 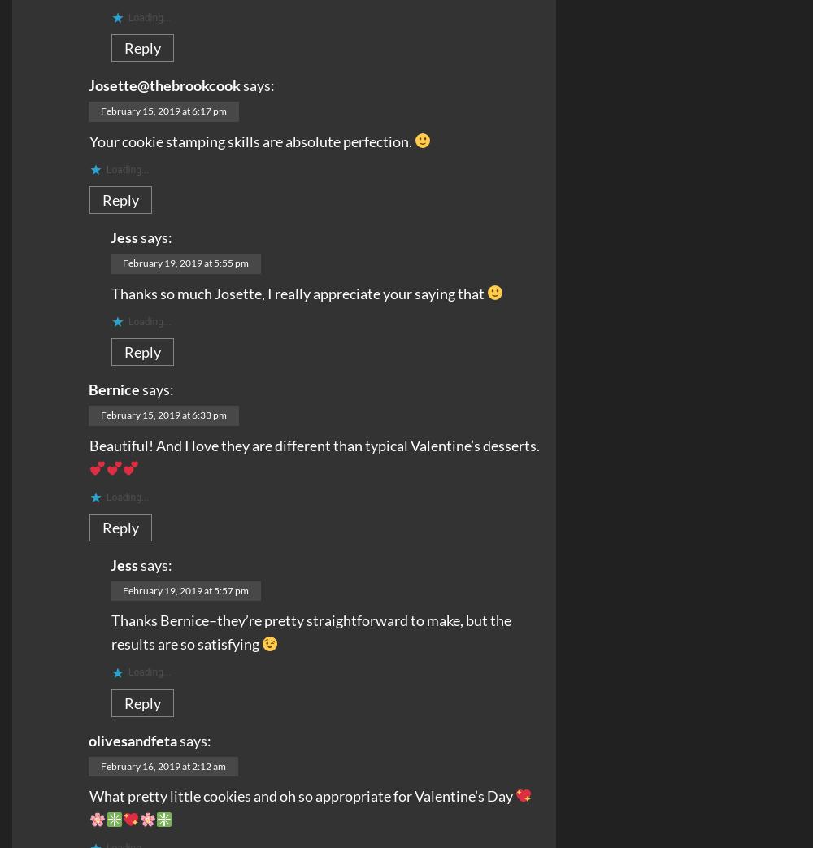 What do you see at coordinates (315, 444) in the screenshot?
I see `'Beautiful! And I love they are different than typical Valentine’s desserts.'` at bounding box center [315, 444].